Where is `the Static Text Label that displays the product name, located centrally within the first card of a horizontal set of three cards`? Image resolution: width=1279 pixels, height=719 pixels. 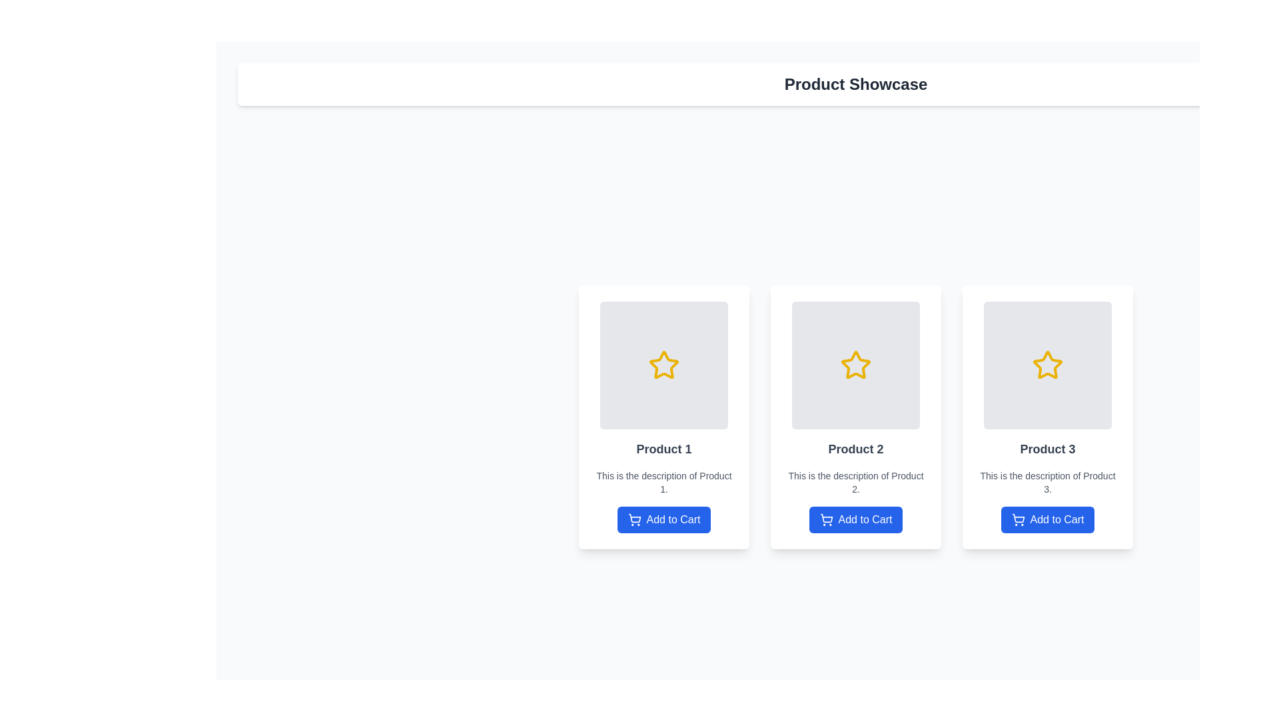
the Static Text Label that displays the product name, located centrally within the first card of a horizontal set of three cards is located at coordinates (664, 449).